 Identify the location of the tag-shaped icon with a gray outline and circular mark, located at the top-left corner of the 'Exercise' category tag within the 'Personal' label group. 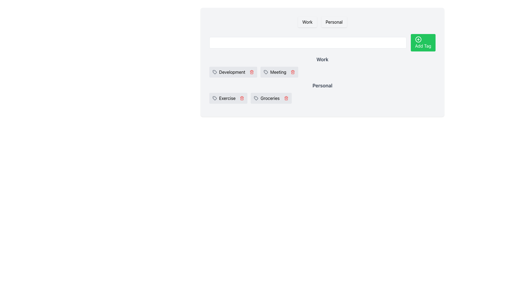
(215, 98).